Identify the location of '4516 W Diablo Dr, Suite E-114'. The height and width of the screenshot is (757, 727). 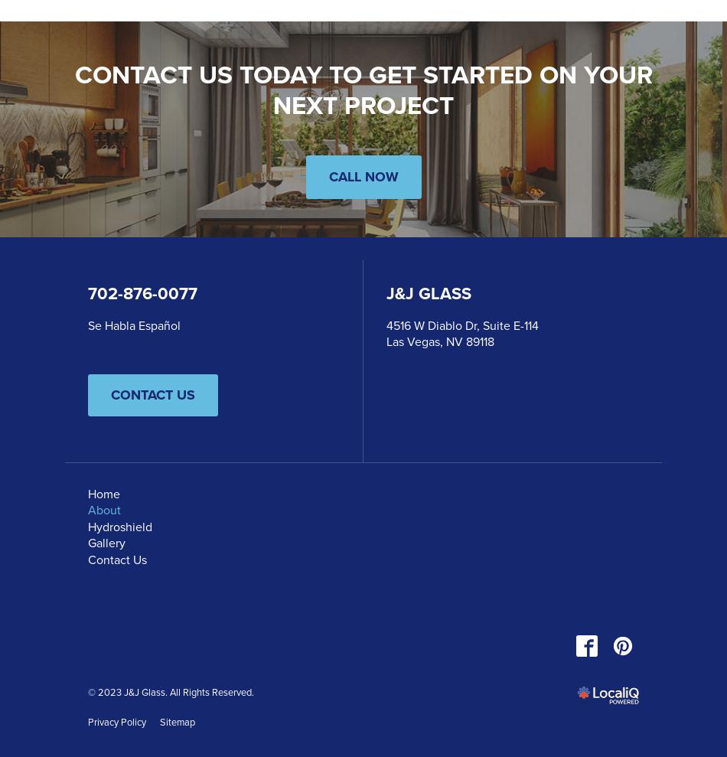
(462, 325).